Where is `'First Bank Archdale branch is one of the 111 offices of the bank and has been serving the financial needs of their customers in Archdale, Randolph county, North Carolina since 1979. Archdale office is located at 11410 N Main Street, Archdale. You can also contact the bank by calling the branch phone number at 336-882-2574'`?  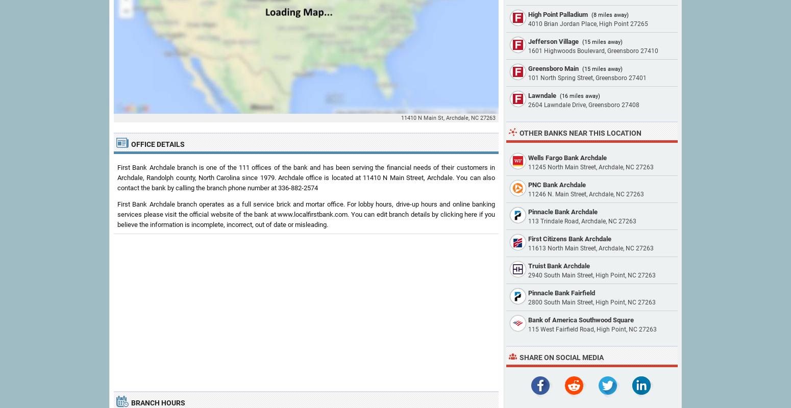 'First Bank Archdale branch is one of the 111 offices of the bank and has been serving the financial needs of their customers in Archdale, Randolph county, North Carolina since 1979. Archdale office is located at 11410 N Main Street, Archdale. You can also contact the bank by calling the branch phone number at 336-882-2574' is located at coordinates (306, 177).